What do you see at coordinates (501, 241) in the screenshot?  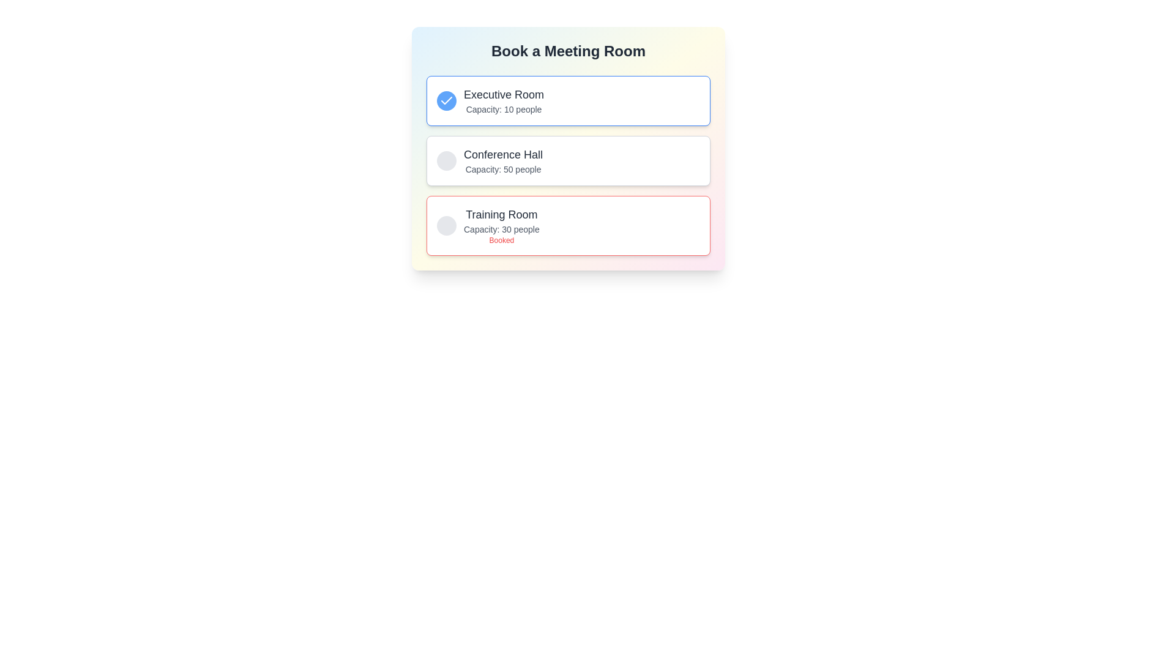 I see `the Status indicator of the 'Training Room' which conveys that the room is currently booked and unavailable for reservation` at bounding box center [501, 241].